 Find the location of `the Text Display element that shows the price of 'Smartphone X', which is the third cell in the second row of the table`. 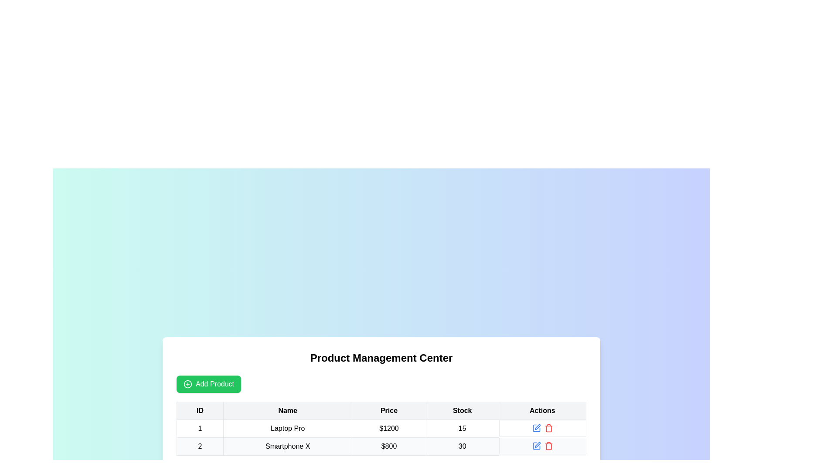

the Text Display element that shows the price of 'Smartphone X', which is the third cell in the second row of the table is located at coordinates (388, 446).